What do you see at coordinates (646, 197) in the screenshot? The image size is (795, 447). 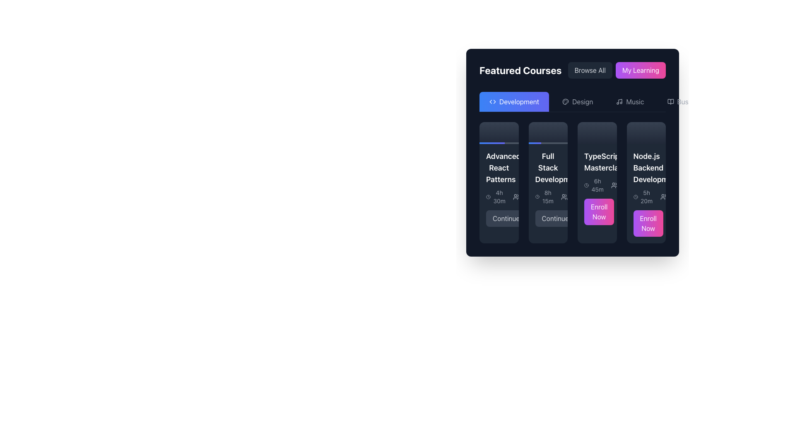 I see `the Text and Icon Group displaying the duration '5h 20m' with a clock icon, located above the 'Enroll Now' button` at bounding box center [646, 197].